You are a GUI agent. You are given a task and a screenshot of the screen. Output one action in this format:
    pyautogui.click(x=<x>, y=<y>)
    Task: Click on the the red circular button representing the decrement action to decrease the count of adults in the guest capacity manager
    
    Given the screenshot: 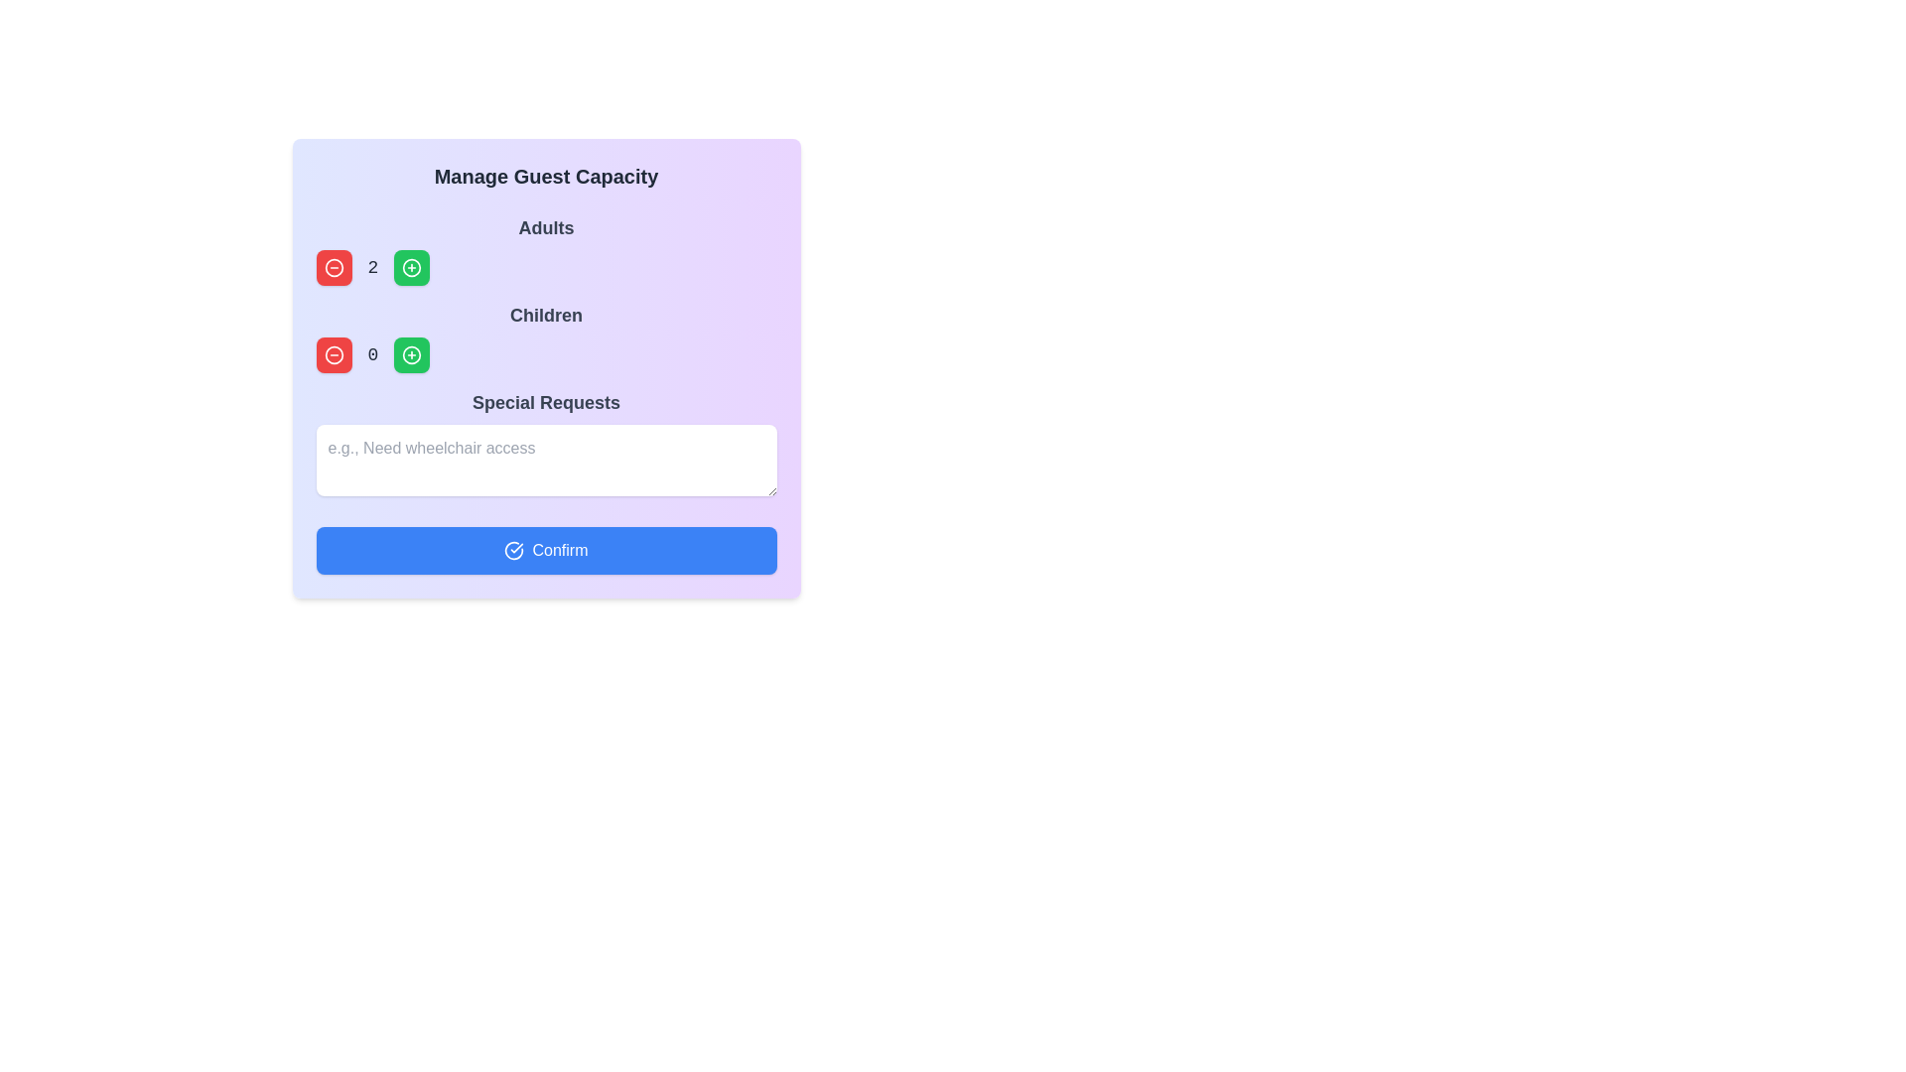 What is the action you would take?
    pyautogui.click(x=334, y=268)
    